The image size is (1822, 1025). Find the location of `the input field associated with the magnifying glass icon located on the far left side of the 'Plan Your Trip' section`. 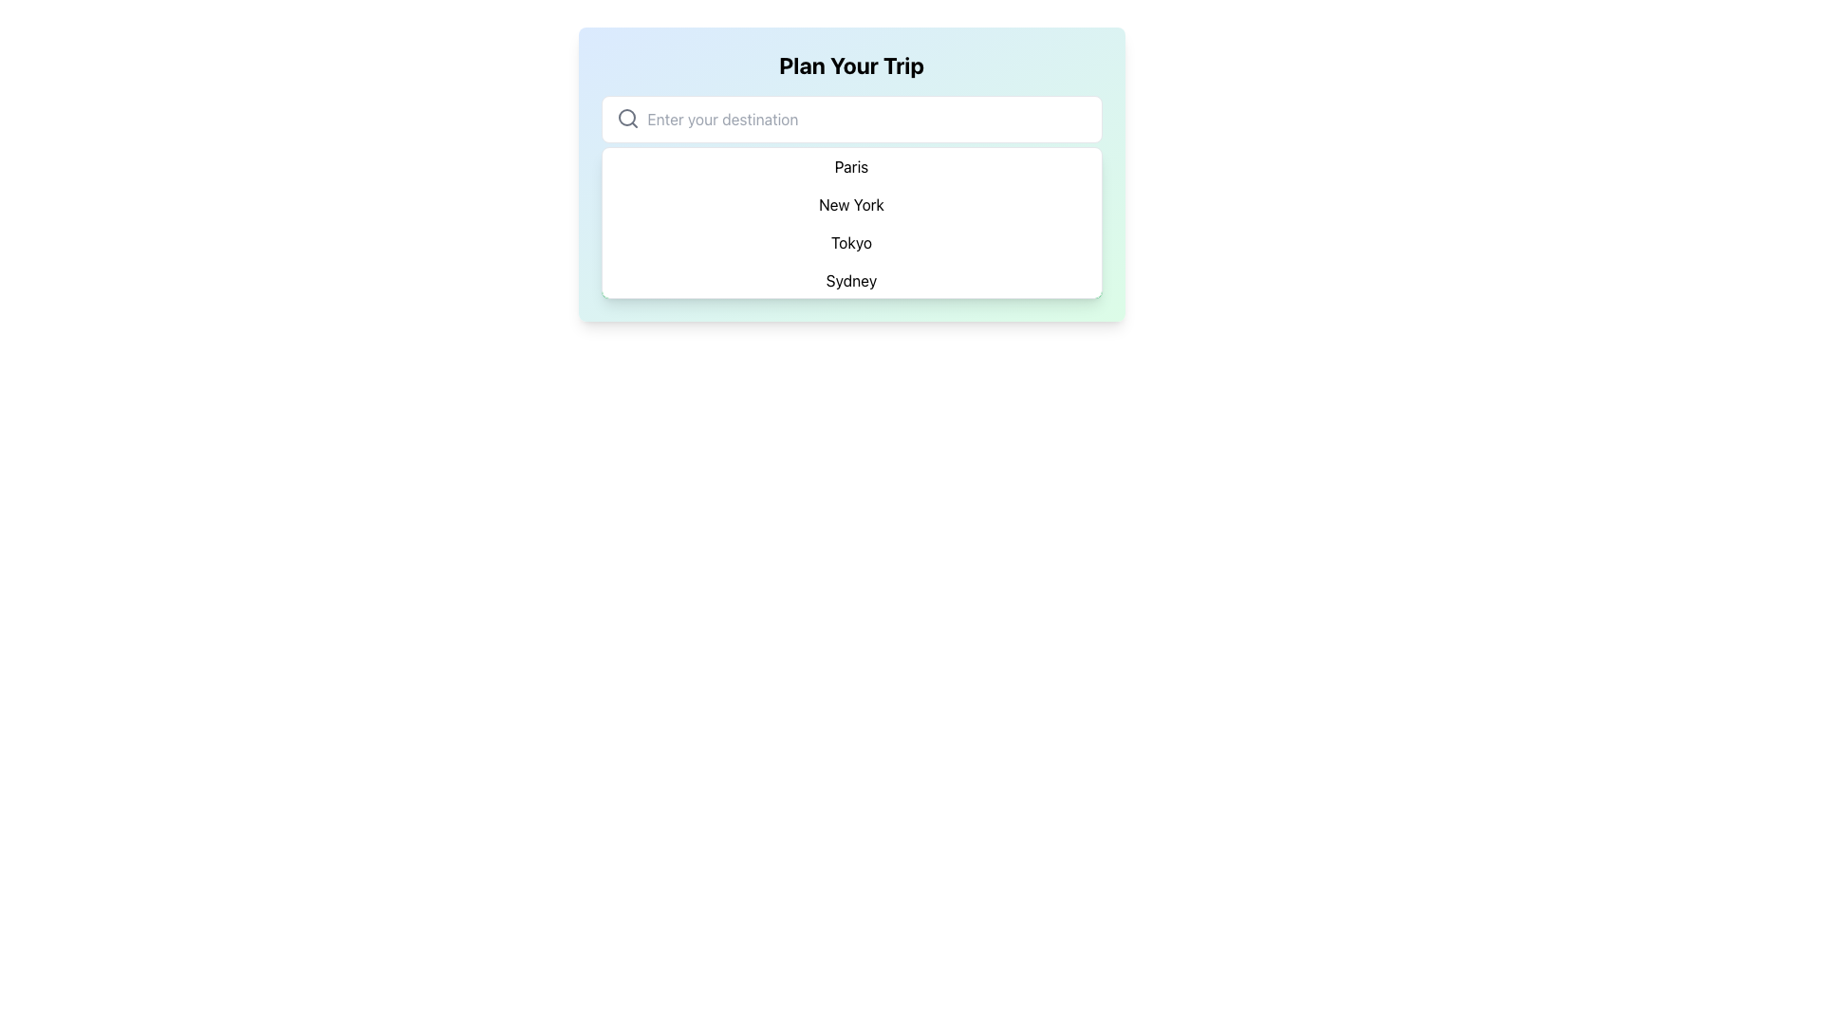

the input field associated with the magnifying glass icon located on the far left side of the 'Plan Your Trip' section is located at coordinates (627, 118).